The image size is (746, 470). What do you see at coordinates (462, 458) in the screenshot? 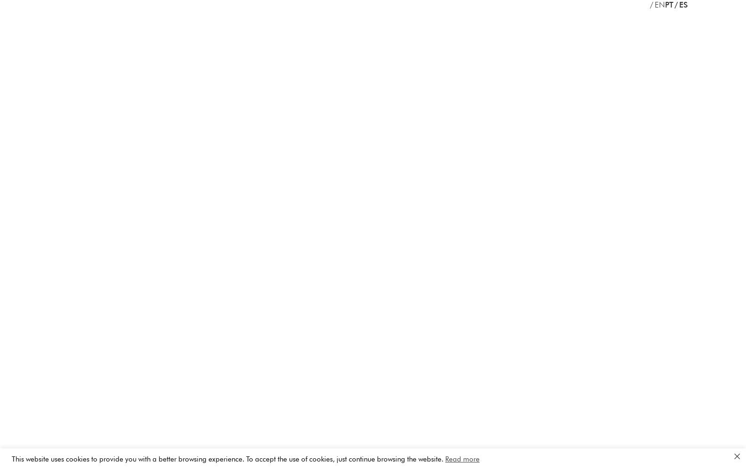
I see `'Read more'` at bounding box center [462, 458].